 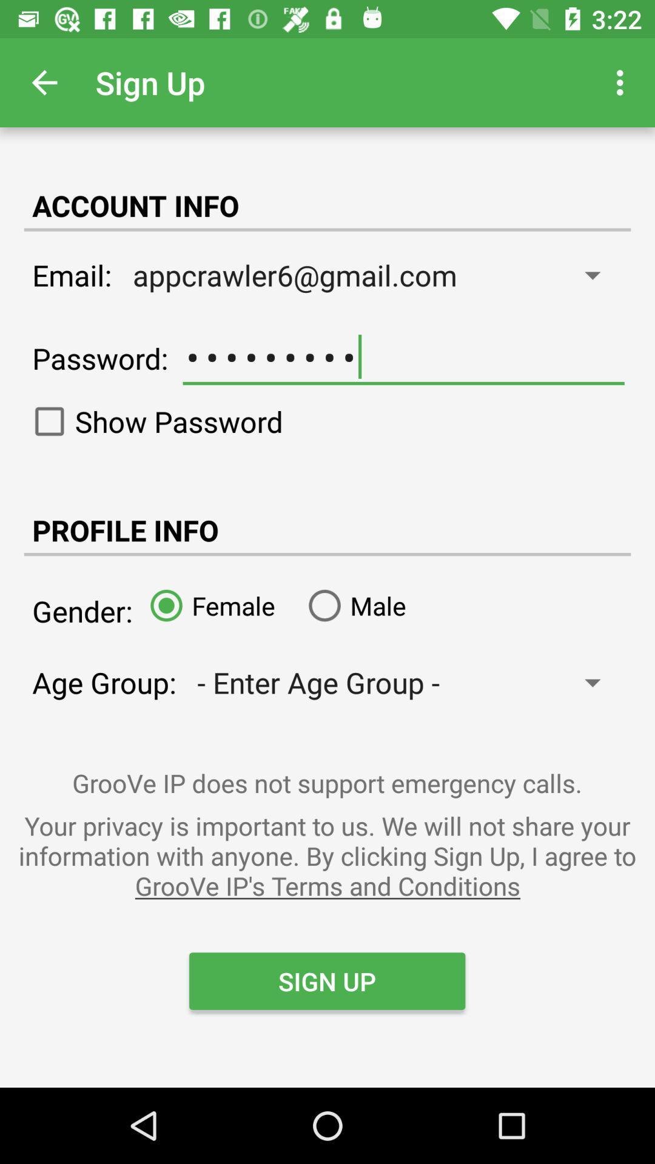 What do you see at coordinates (207, 605) in the screenshot?
I see `item next to the gender: icon` at bounding box center [207, 605].